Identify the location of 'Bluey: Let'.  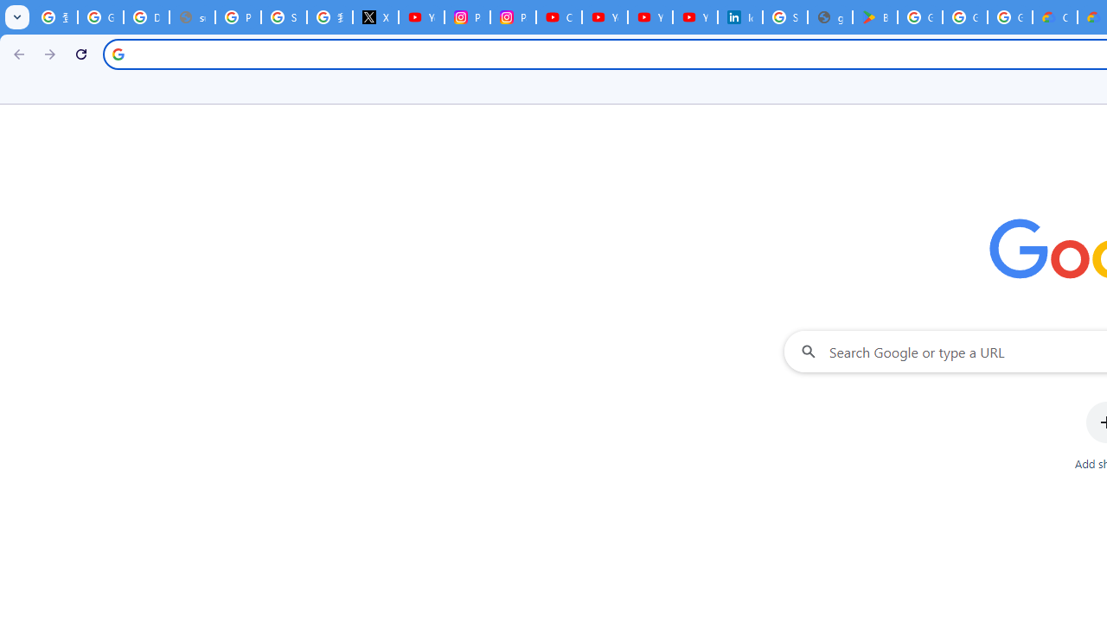
(874, 17).